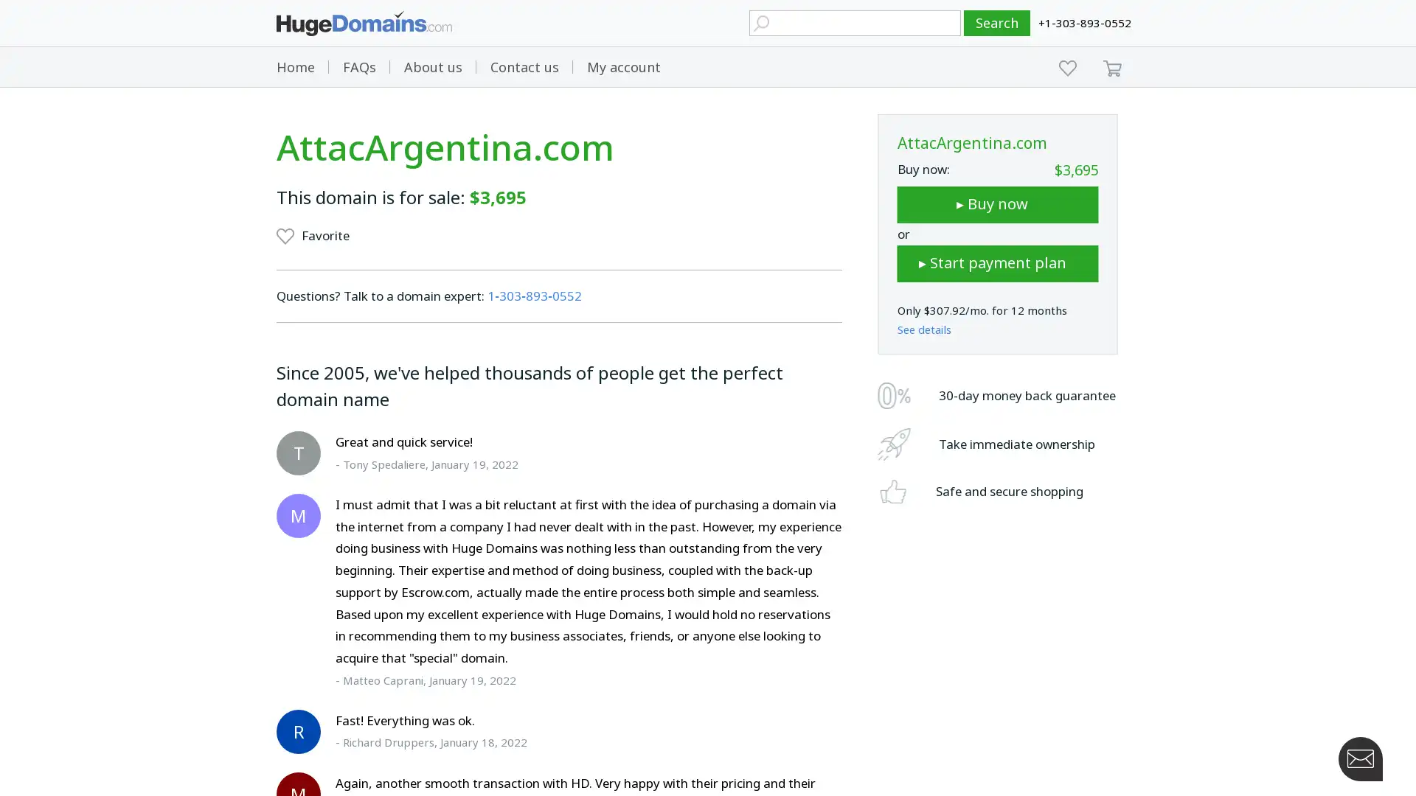 Image resolution: width=1416 pixels, height=796 pixels. What do you see at coordinates (997, 23) in the screenshot?
I see `Search` at bounding box center [997, 23].